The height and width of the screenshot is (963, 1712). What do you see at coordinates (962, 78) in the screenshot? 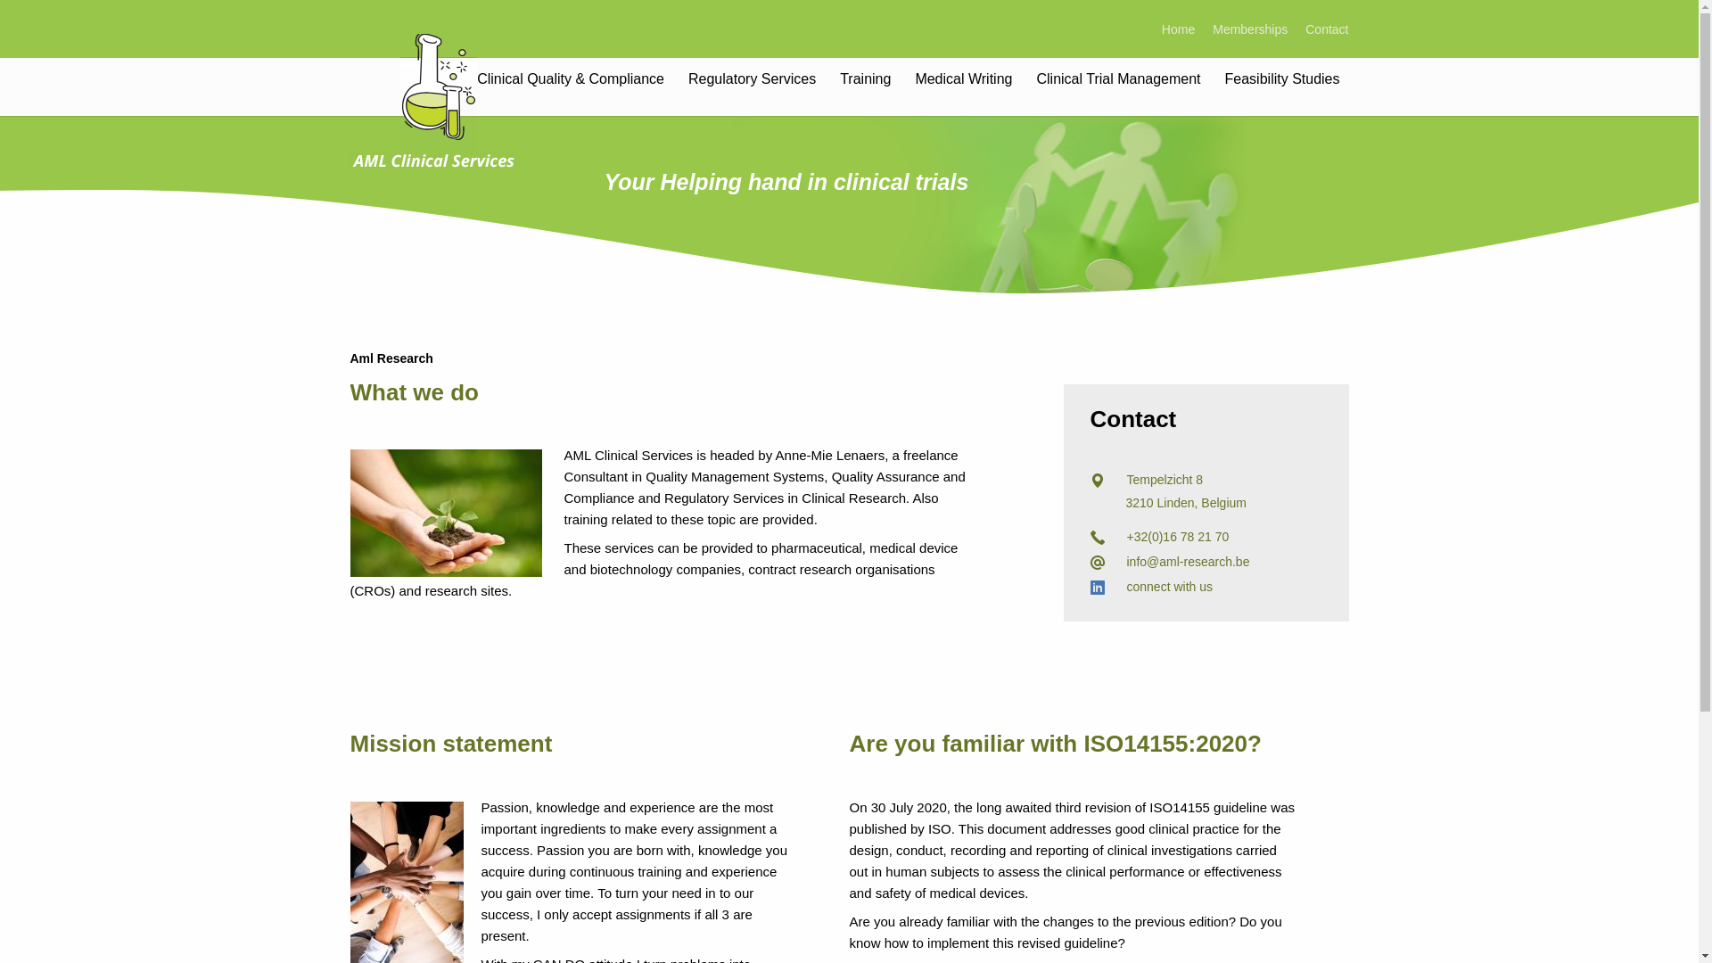
I see `'Medical Writing'` at bounding box center [962, 78].